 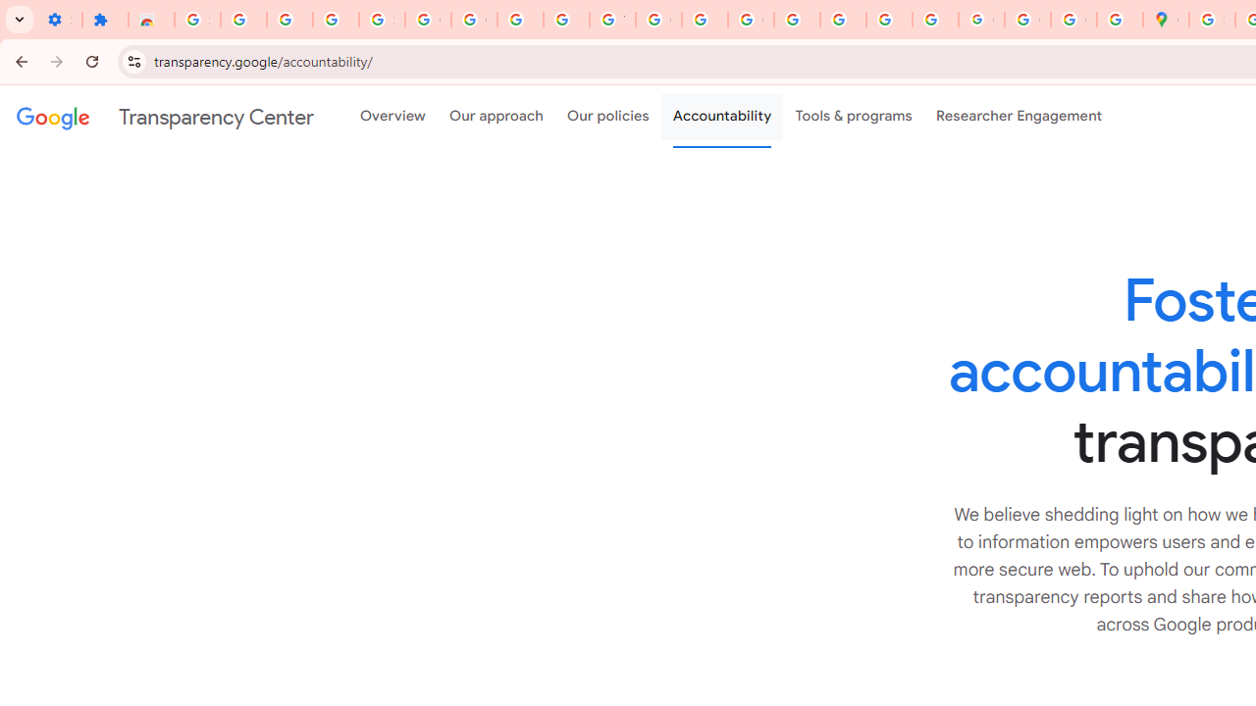 I want to click on 'Settings - On startup', so click(x=59, y=20).